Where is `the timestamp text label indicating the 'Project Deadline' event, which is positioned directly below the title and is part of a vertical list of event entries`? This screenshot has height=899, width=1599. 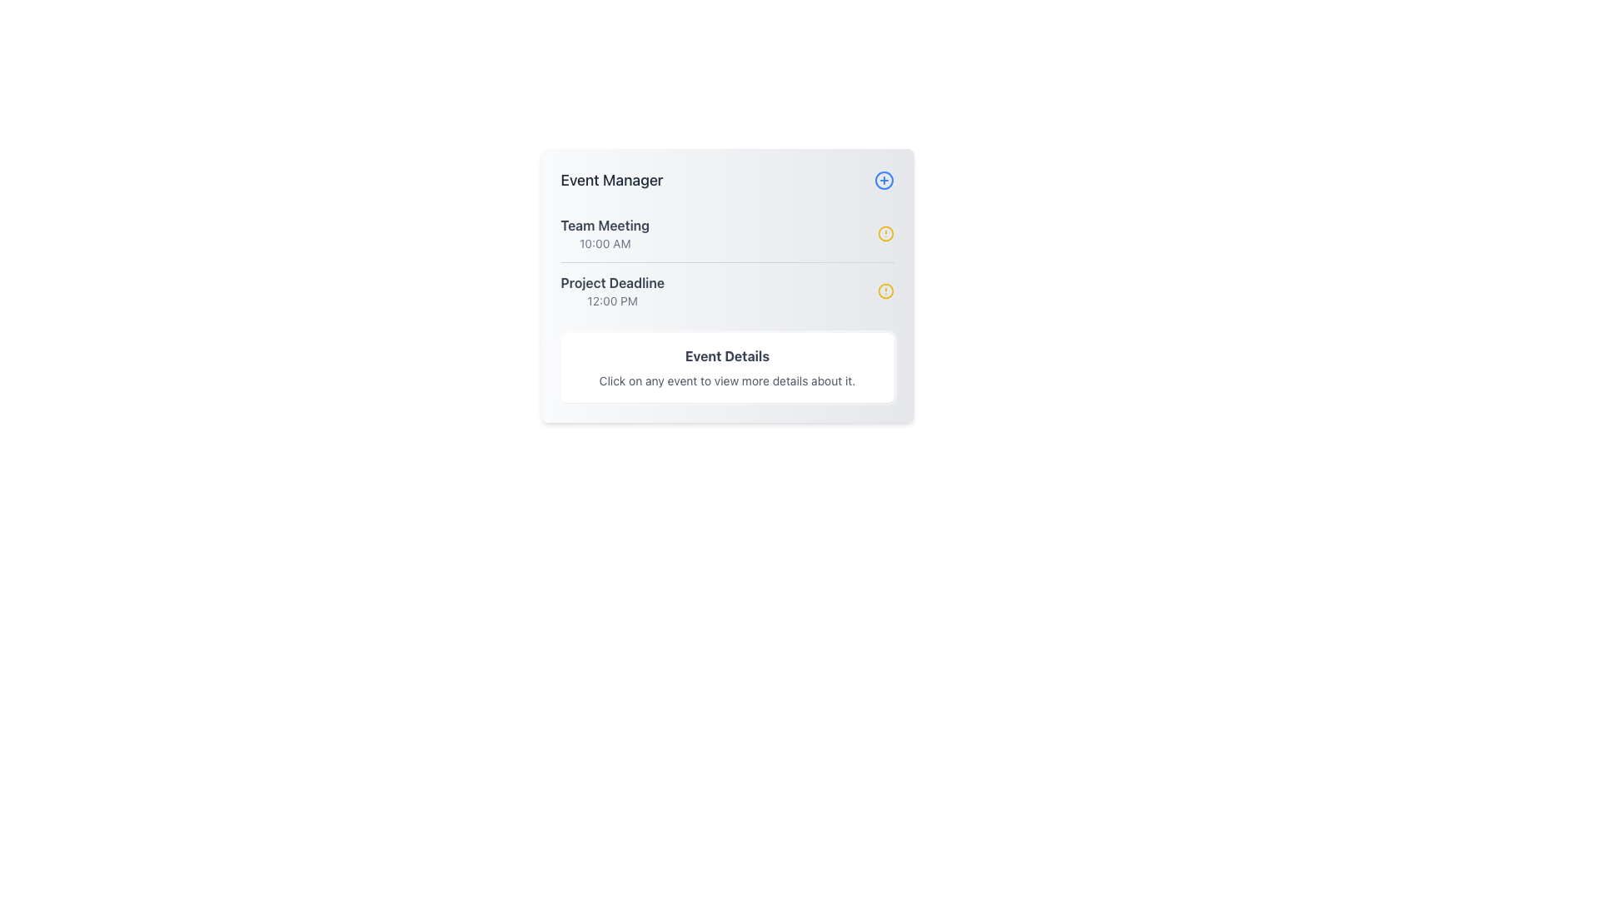 the timestamp text label indicating the 'Project Deadline' event, which is positioned directly below the title and is part of a vertical list of event entries is located at coordinates (611, 301).